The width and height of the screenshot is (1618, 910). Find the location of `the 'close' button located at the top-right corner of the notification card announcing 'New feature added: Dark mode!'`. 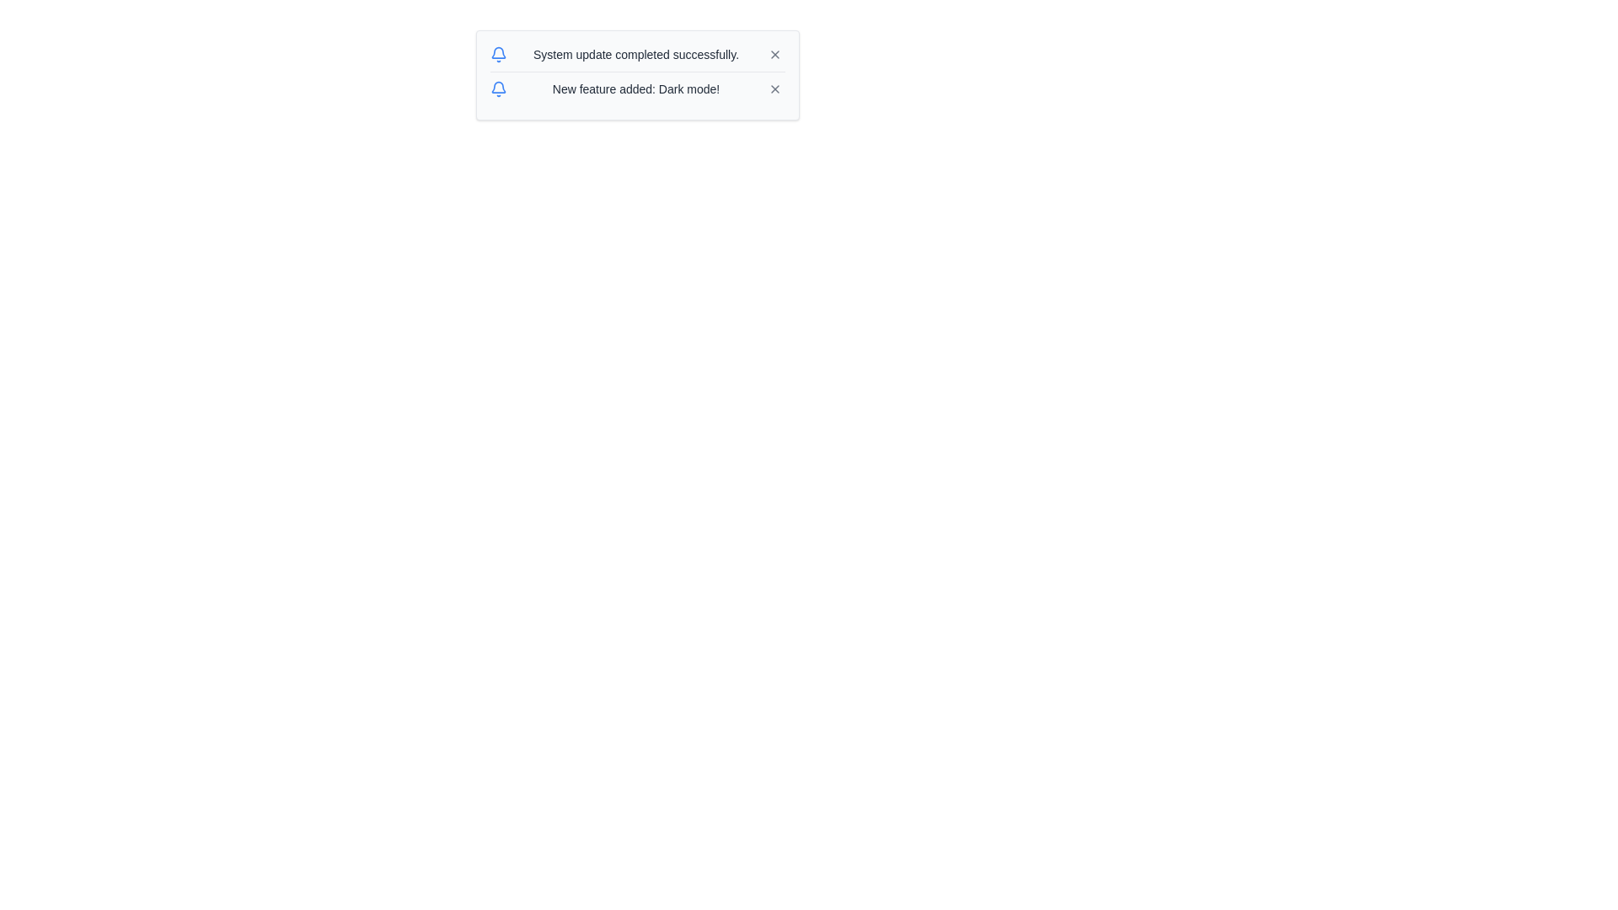

the 'close' button located at the top-right corner of the notification card announcing 'New feature added: Dark mode!' is located at coordinates (774, 88).